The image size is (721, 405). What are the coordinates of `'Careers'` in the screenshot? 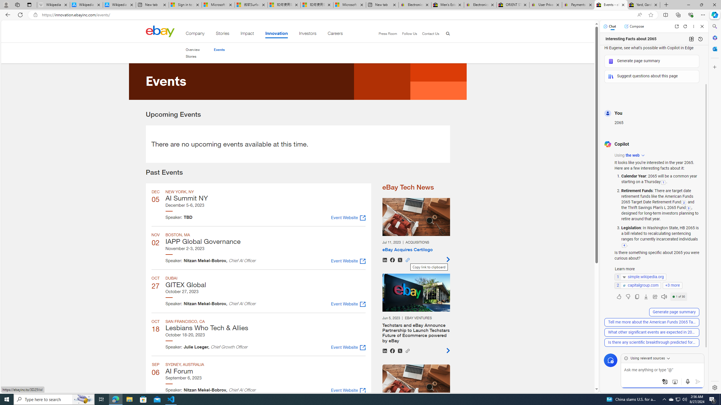 It's located at (335, 34).